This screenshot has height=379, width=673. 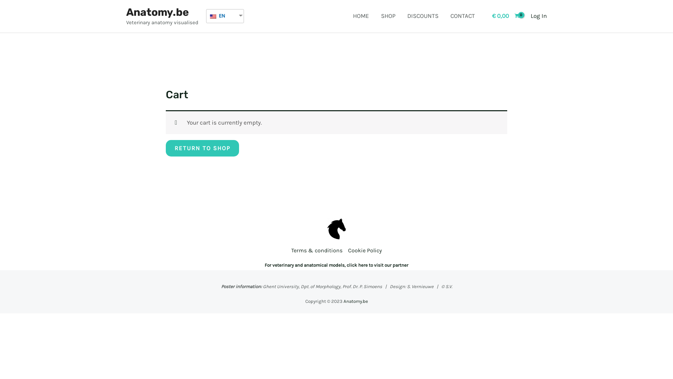 I want to click on 'Anatomy.be', so click(x=157, y=12).